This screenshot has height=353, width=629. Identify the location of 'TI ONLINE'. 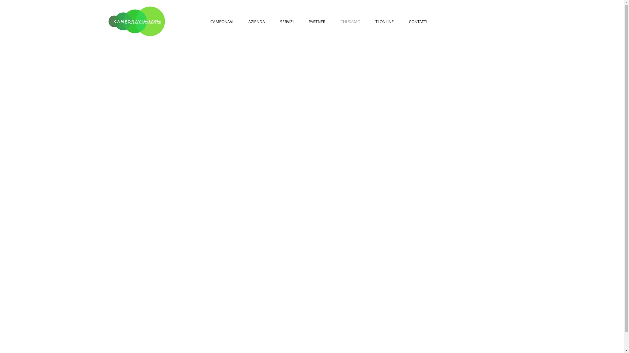
(385, 21).